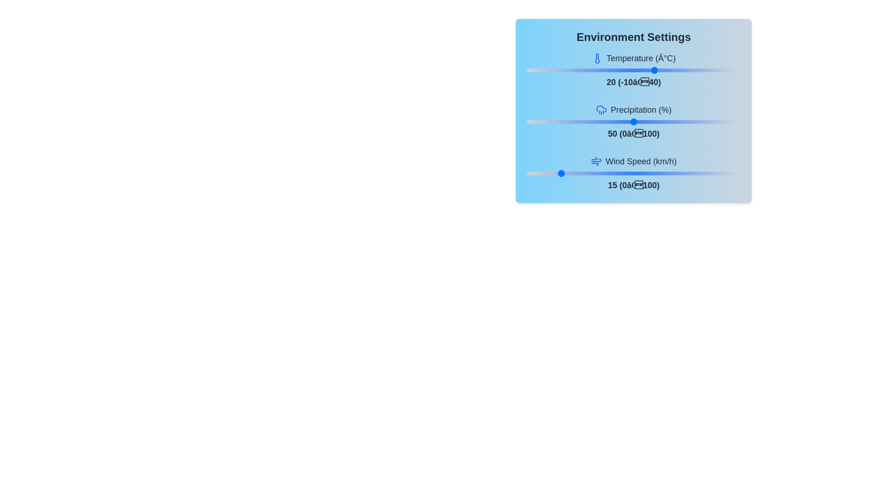  Describe the element at coordinates (641, 58) in the screenshot. I see `the temperature settings label in the 'Environment Settings' section, located to the right of the thermometer icon` at that location.